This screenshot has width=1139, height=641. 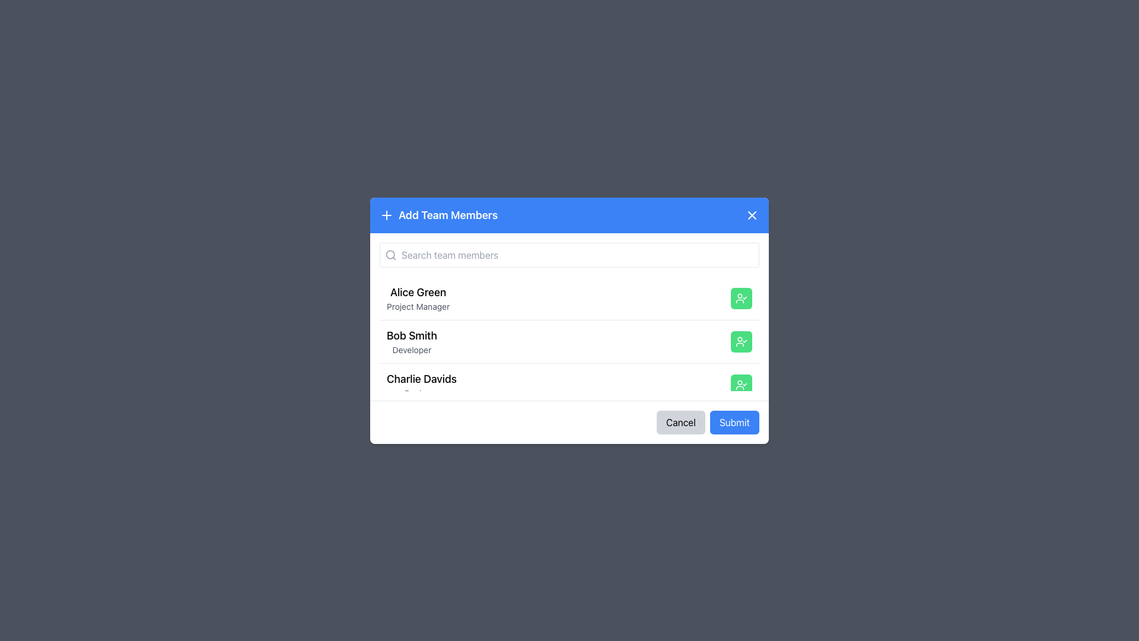 I want to click on the search icon located on the left side of the search field in the modal window, which indicates the search functionality for team members, so click(x=390, y=253).